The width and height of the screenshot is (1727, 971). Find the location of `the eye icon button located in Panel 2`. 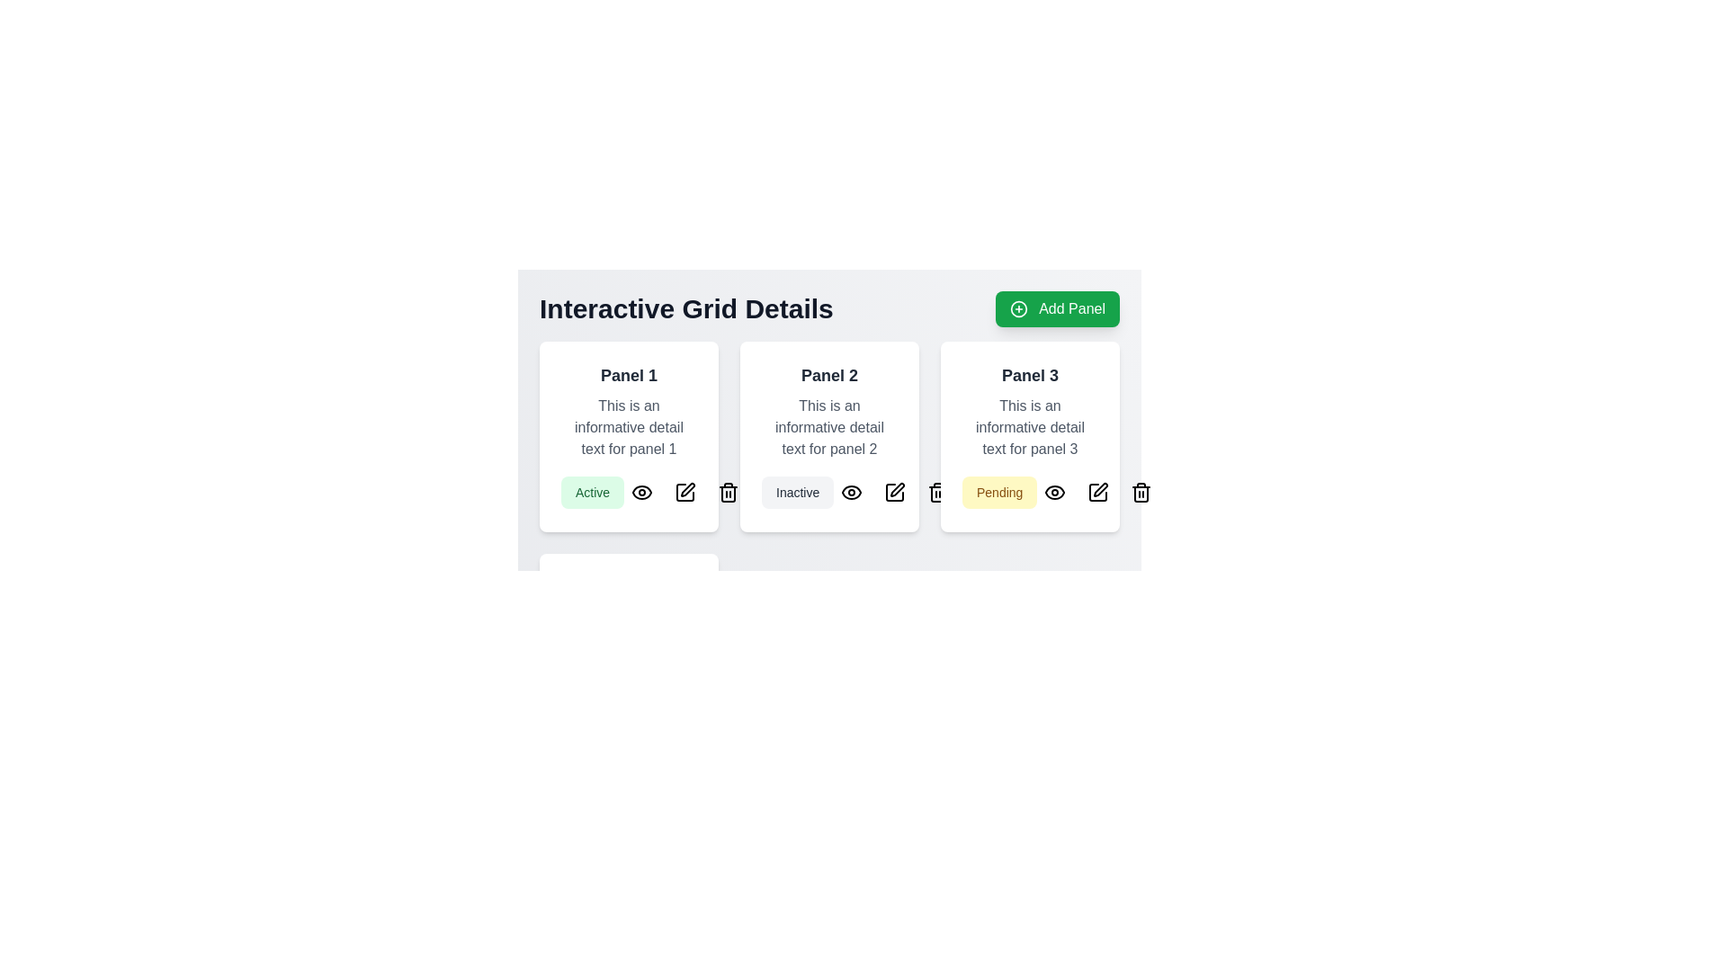

the eye icon button located in Panel 2 is located at coordinates (851, 492).